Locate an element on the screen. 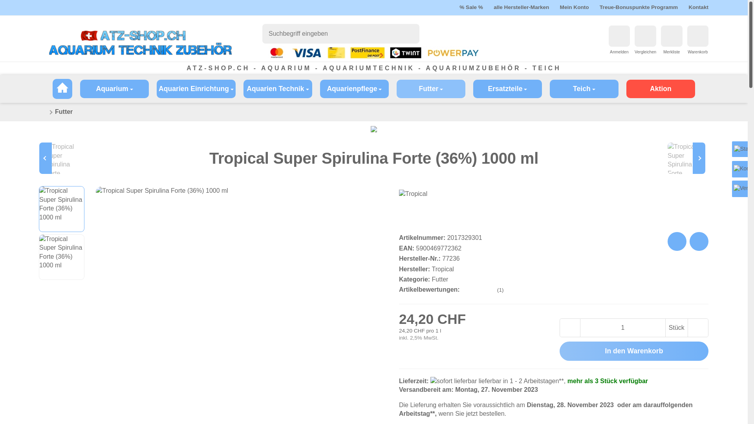 This screenshot has width=754, height=424. 'Tropical Super Spirulina Forte (36%) 5 Liter' is located at coordinates (684, 158).